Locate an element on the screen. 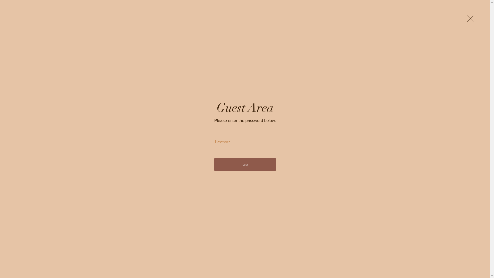 The height and width of the screenshot is (278, 494). 'Go' is located at coordinates (214, 164).